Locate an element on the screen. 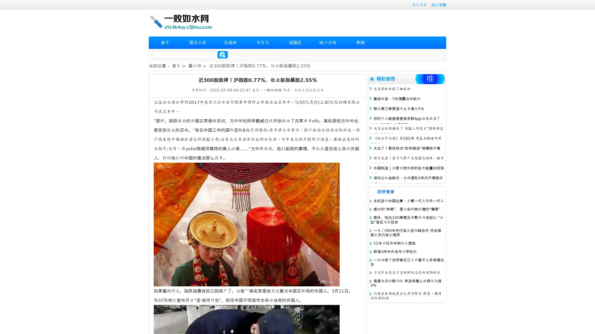 The width and height of the screenshot is (595, 334). Search is located at coordinates (223, 54).